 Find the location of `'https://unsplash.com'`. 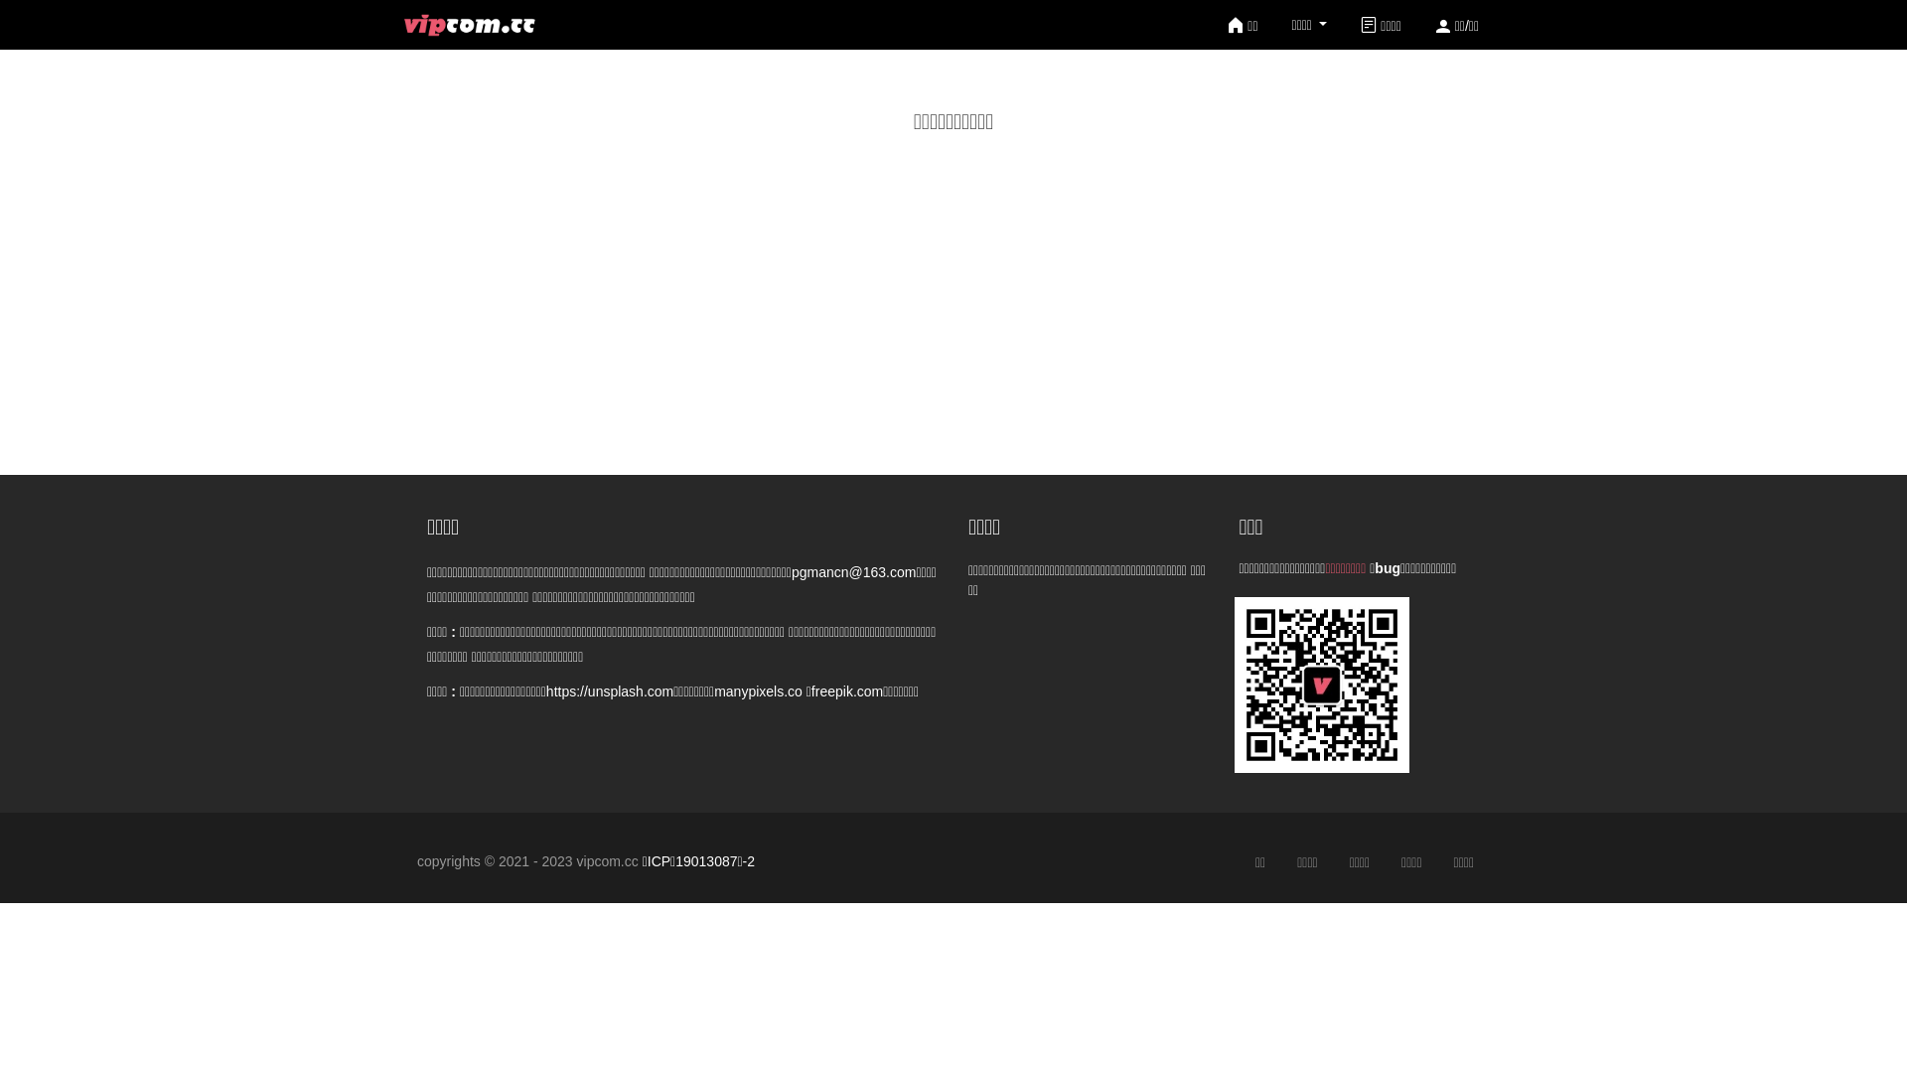

'https://unsplash.com' is located at coordinates (546, 690).